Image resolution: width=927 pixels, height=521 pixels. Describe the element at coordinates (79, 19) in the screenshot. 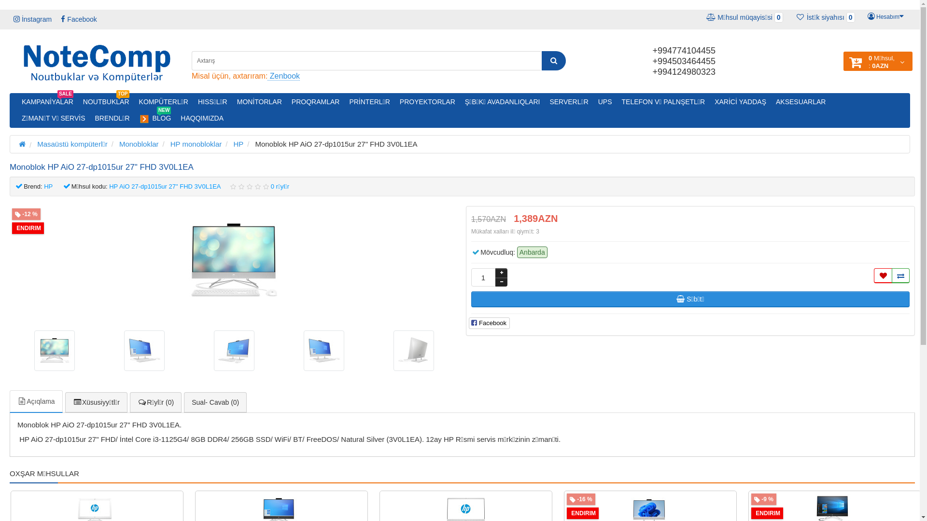

I see `'Facebook'` at that location.